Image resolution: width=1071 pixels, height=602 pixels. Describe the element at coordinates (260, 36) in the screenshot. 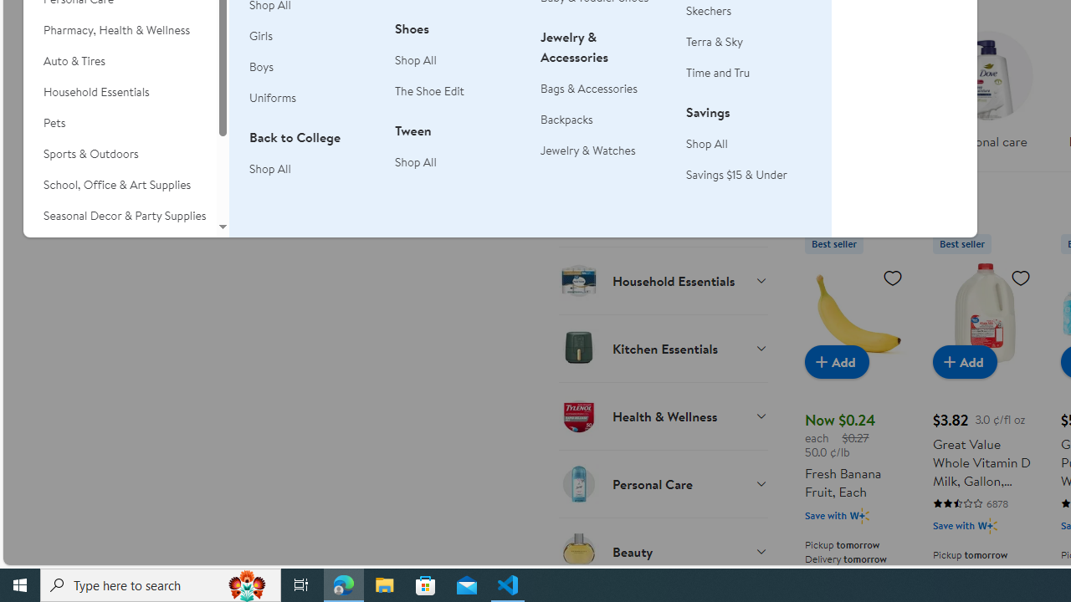

I see `'Girls'` at that location.